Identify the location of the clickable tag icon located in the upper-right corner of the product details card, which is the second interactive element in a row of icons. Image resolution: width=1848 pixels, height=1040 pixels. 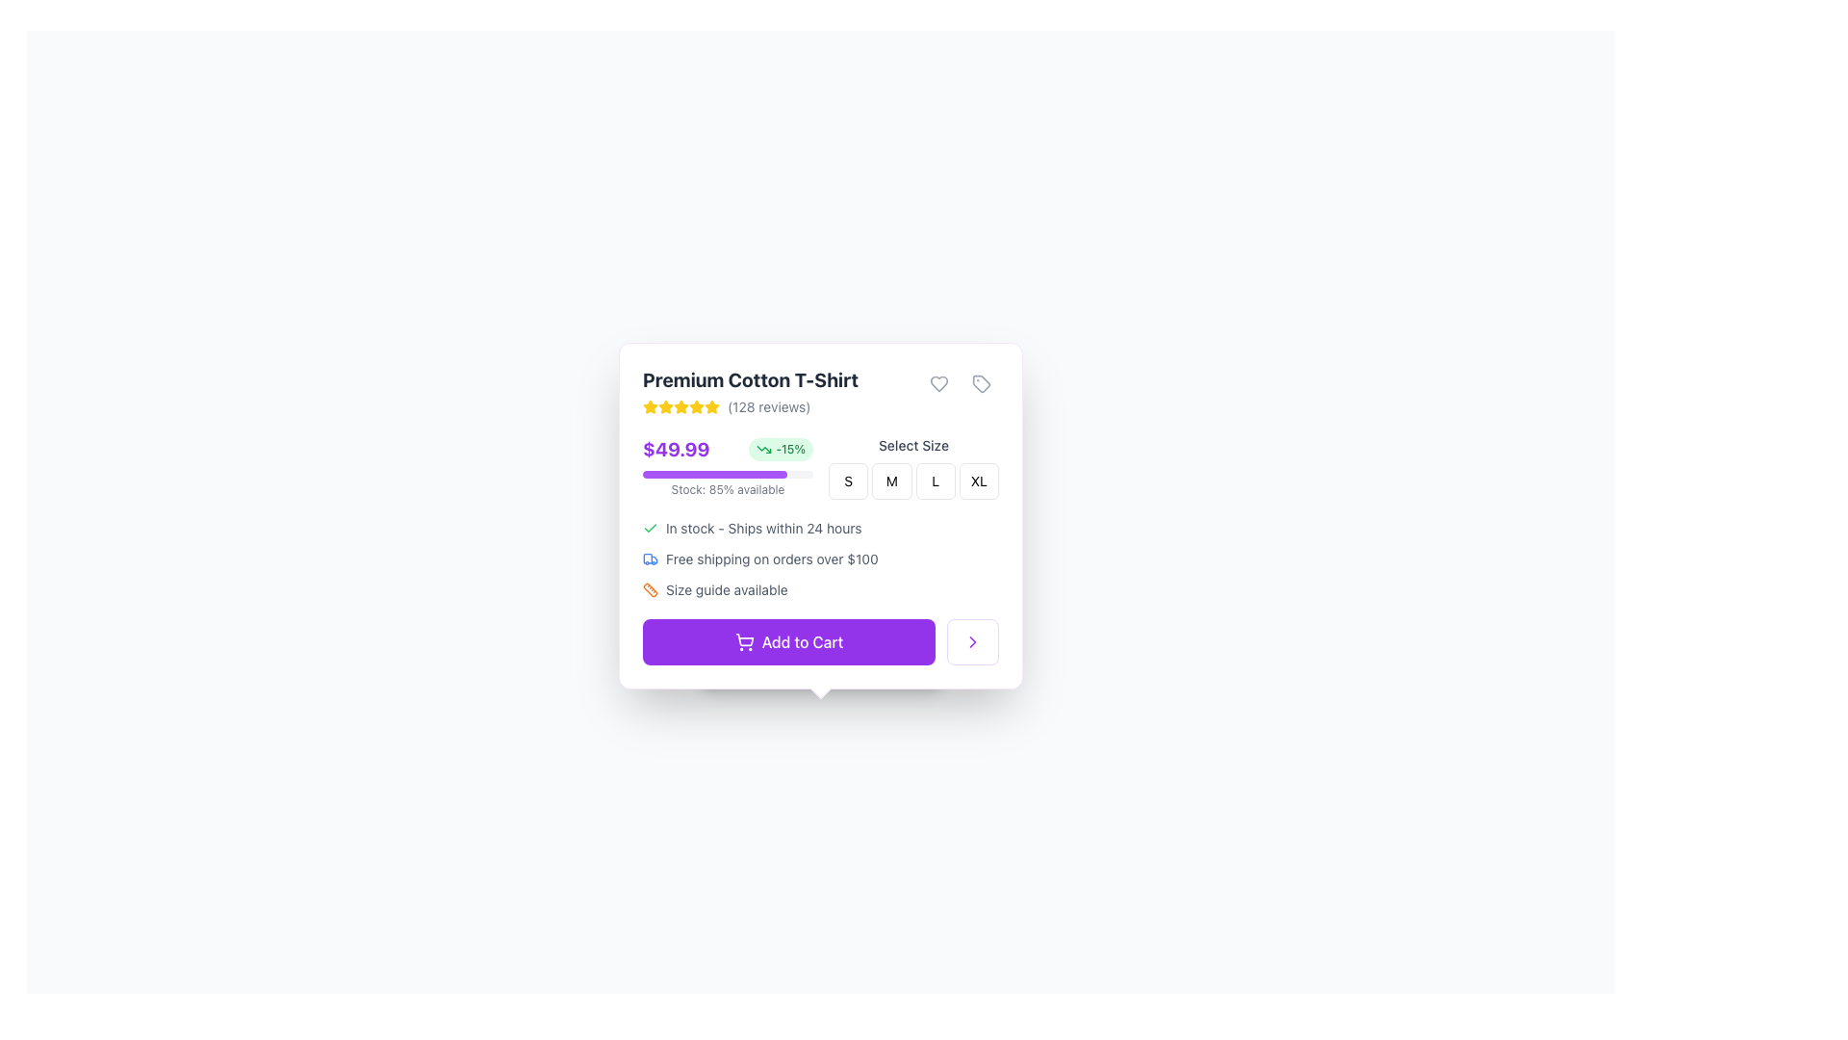
(981, 383).